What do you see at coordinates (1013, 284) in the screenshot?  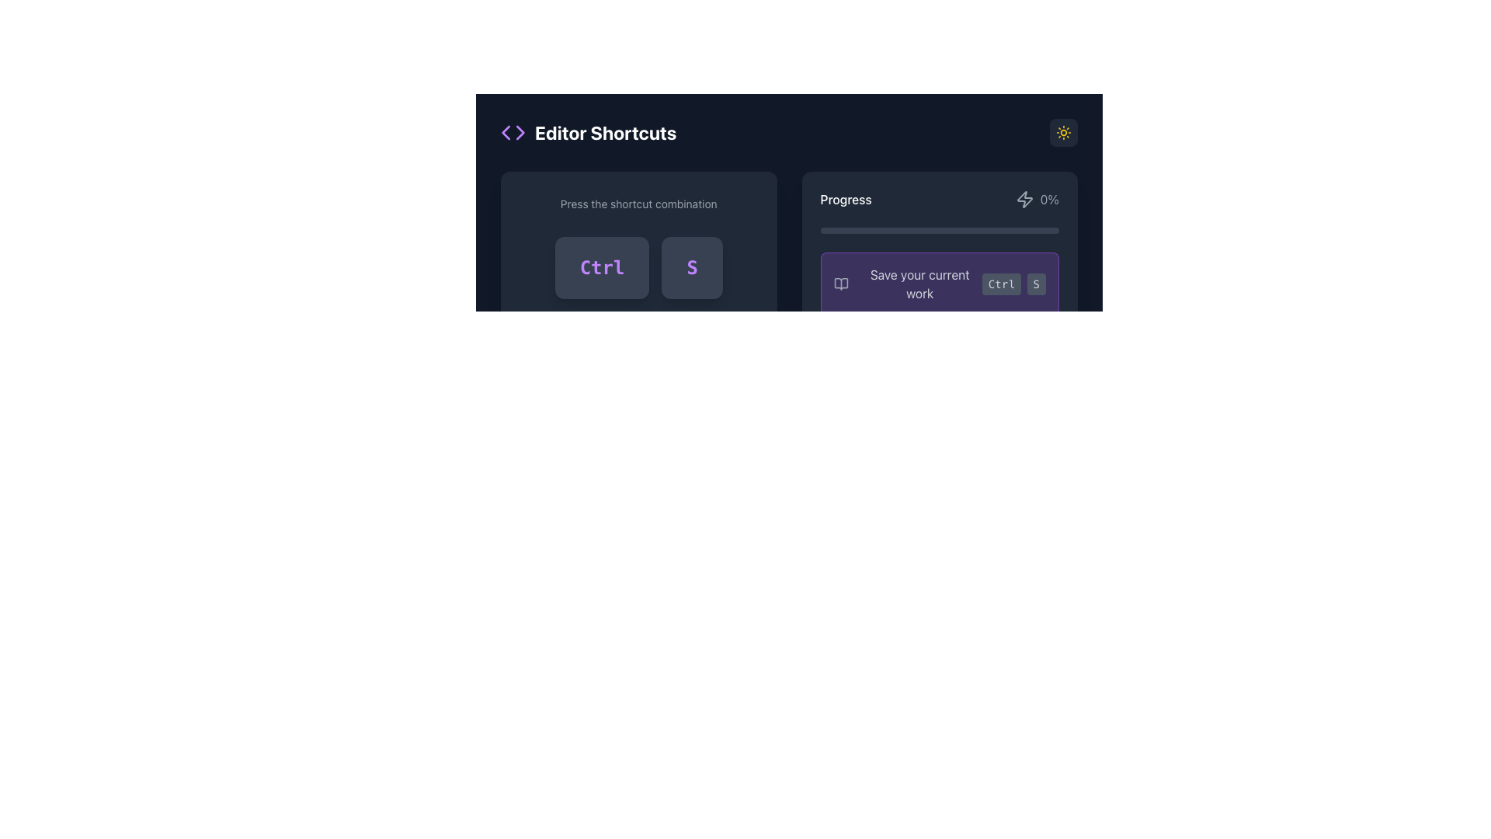 I see `the keyboard shortcut visual element displaying 'Ctrl' and 'S', which is located within a purple box labeled 'Save your current work' on the right-hand side of the interface` at bounding box center [1013, 284].